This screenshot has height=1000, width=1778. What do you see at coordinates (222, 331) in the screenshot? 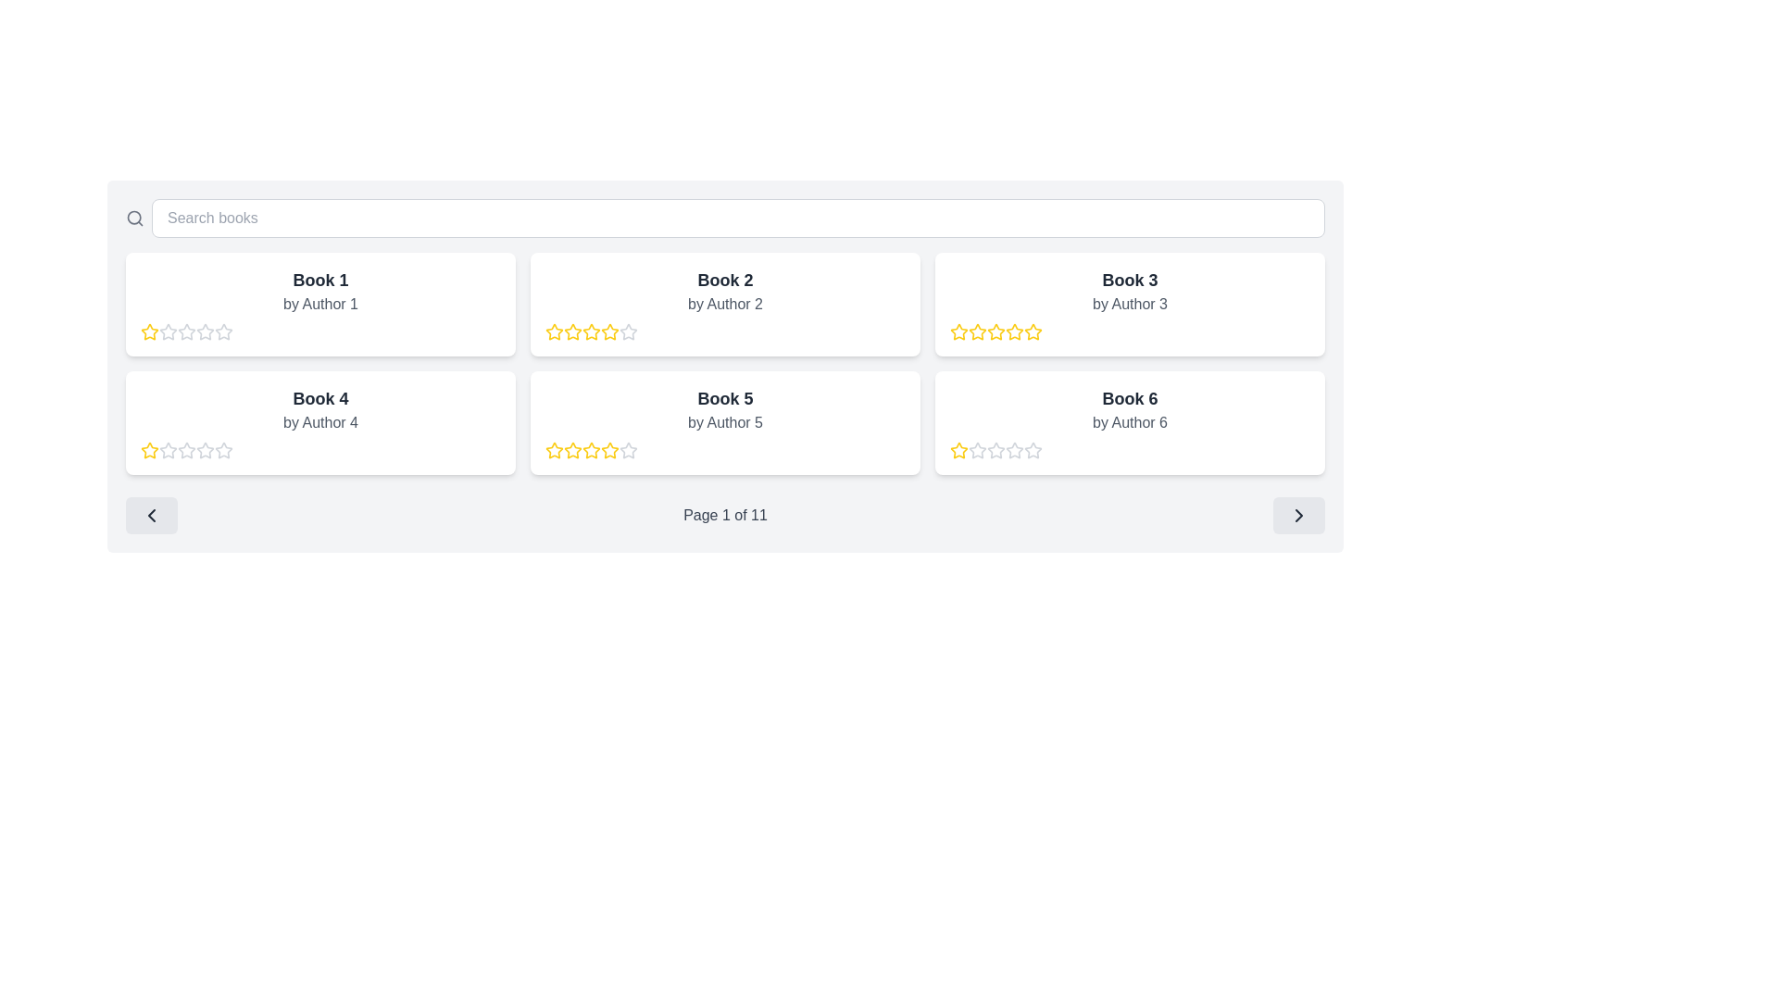
I see `the second star icon representing the second level of a rating system for 'Book 1'` at bounding box center [222, 331].